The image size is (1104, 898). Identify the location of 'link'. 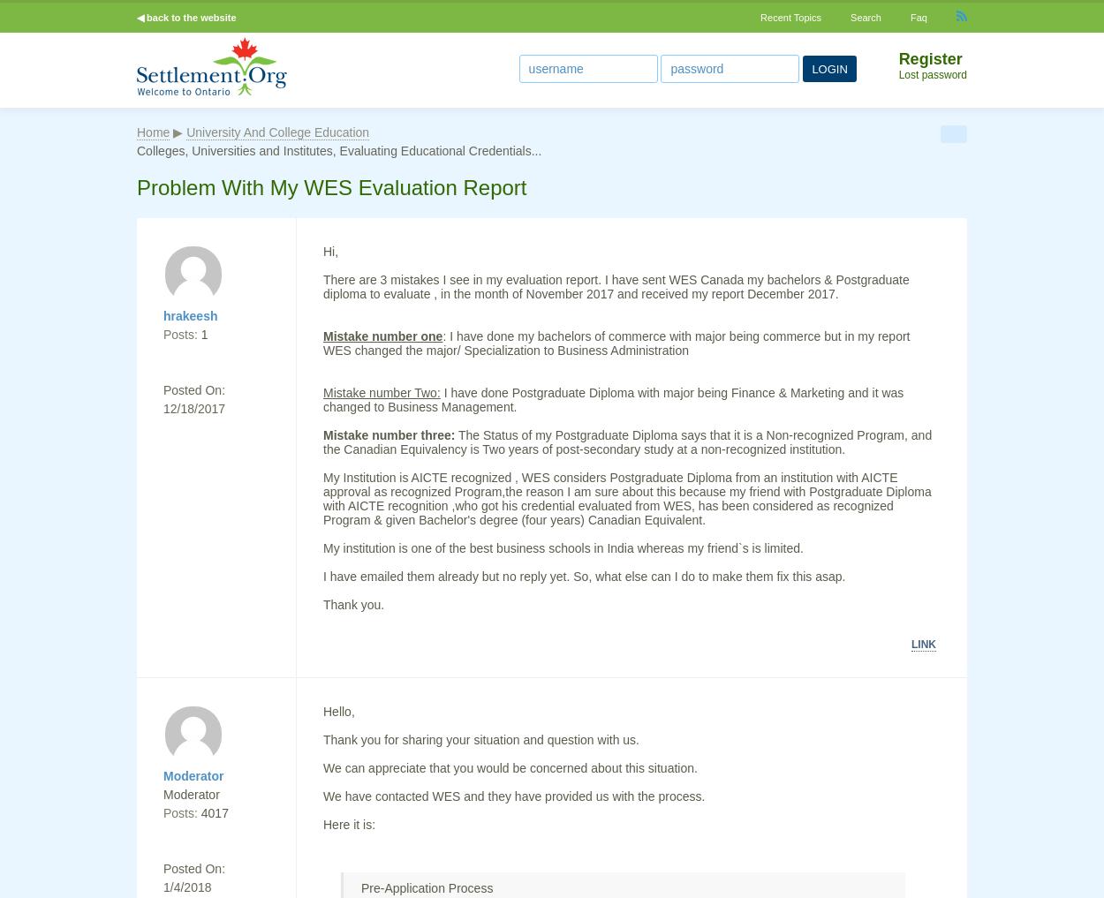
(924, 644).